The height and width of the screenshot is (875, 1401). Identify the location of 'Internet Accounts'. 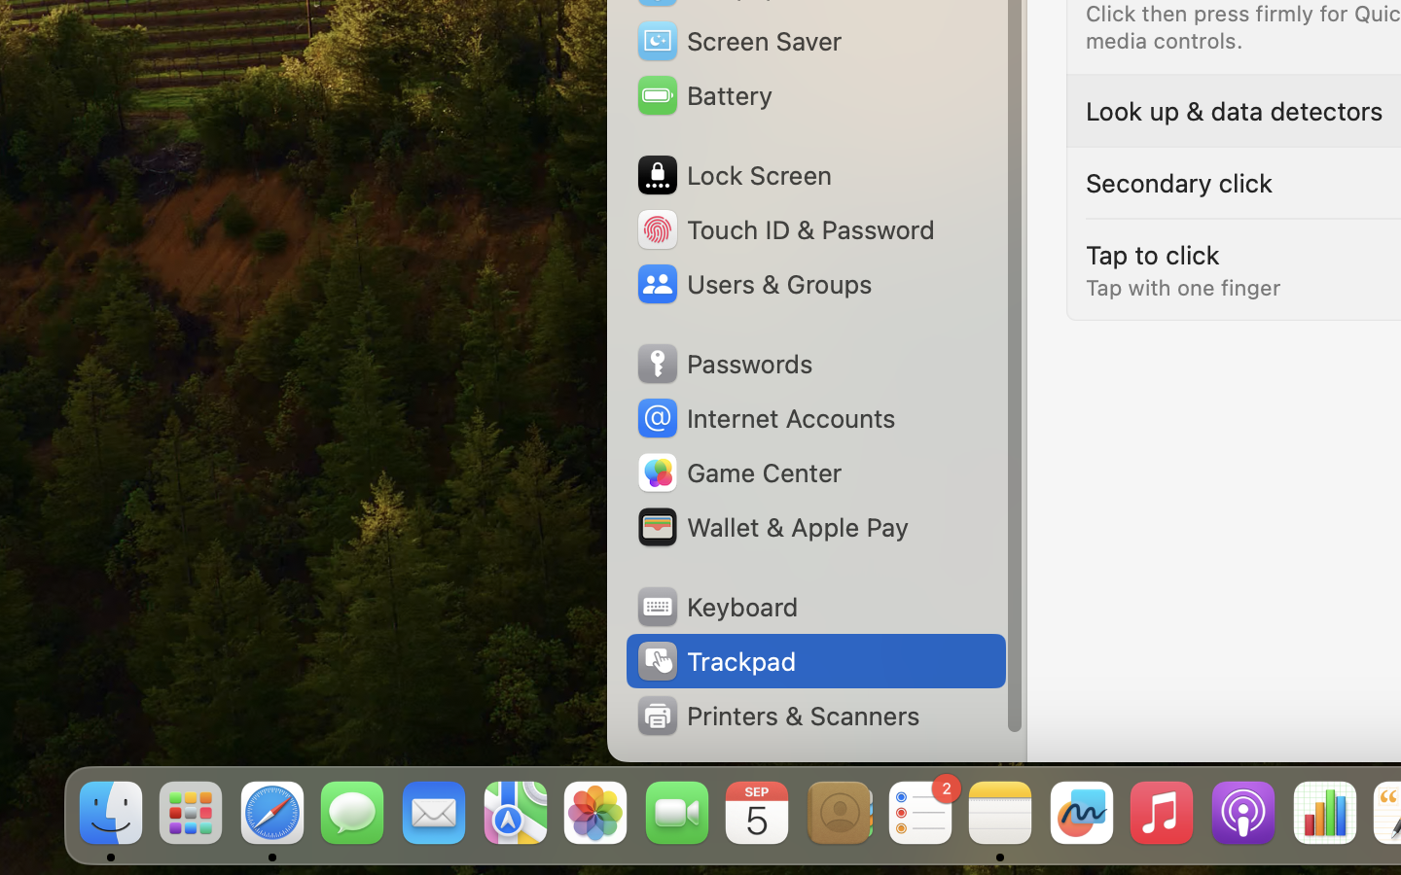
(764, 418).